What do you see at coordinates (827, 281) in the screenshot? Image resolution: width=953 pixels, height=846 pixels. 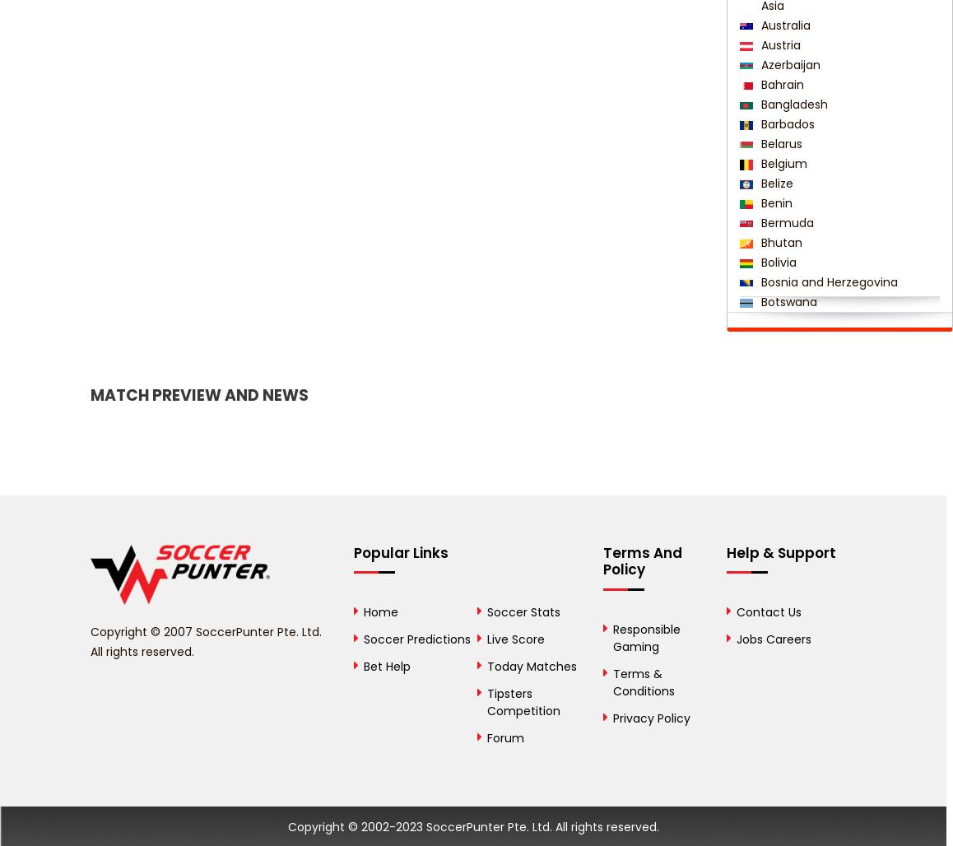 I see `'Bosnia and Herzegovina'` at bounding box center [827, 281].